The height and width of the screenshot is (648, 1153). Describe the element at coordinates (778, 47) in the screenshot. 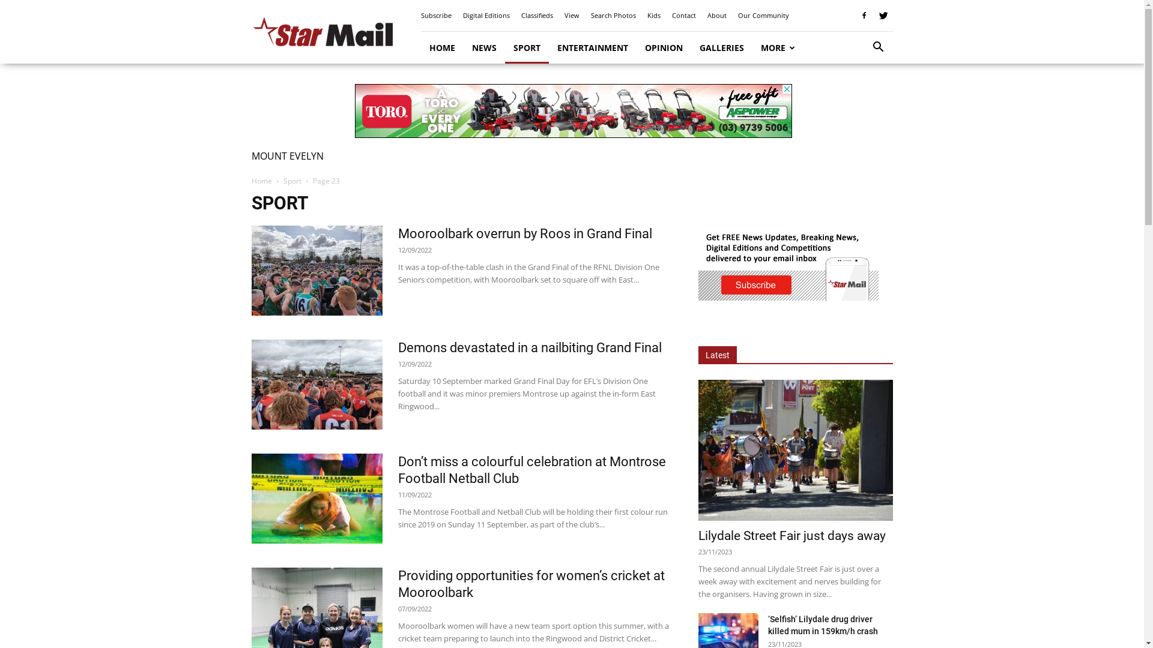

I see `'MORE'` at that location.